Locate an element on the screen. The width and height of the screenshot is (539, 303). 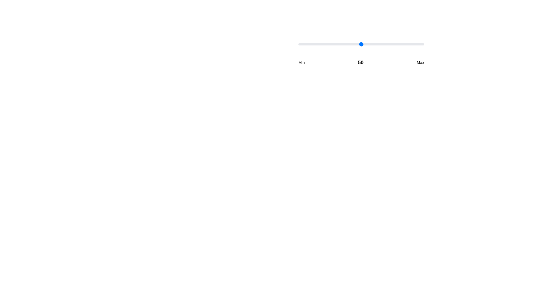
the static text label displaying the number '50', which is centrally aligned between the labels 'Min' and 'Max' below a horizontal bar is located at coordinates (361, 63).